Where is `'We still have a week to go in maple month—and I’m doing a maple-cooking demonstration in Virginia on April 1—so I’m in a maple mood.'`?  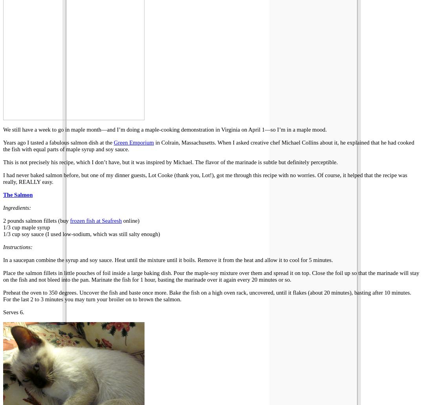
'We still have a week to go in maple month—and I’m doing a maple-cooking demonstration in Virginia on April 1—so I’m in a maple mood.' is located at coordinates (165, 128).